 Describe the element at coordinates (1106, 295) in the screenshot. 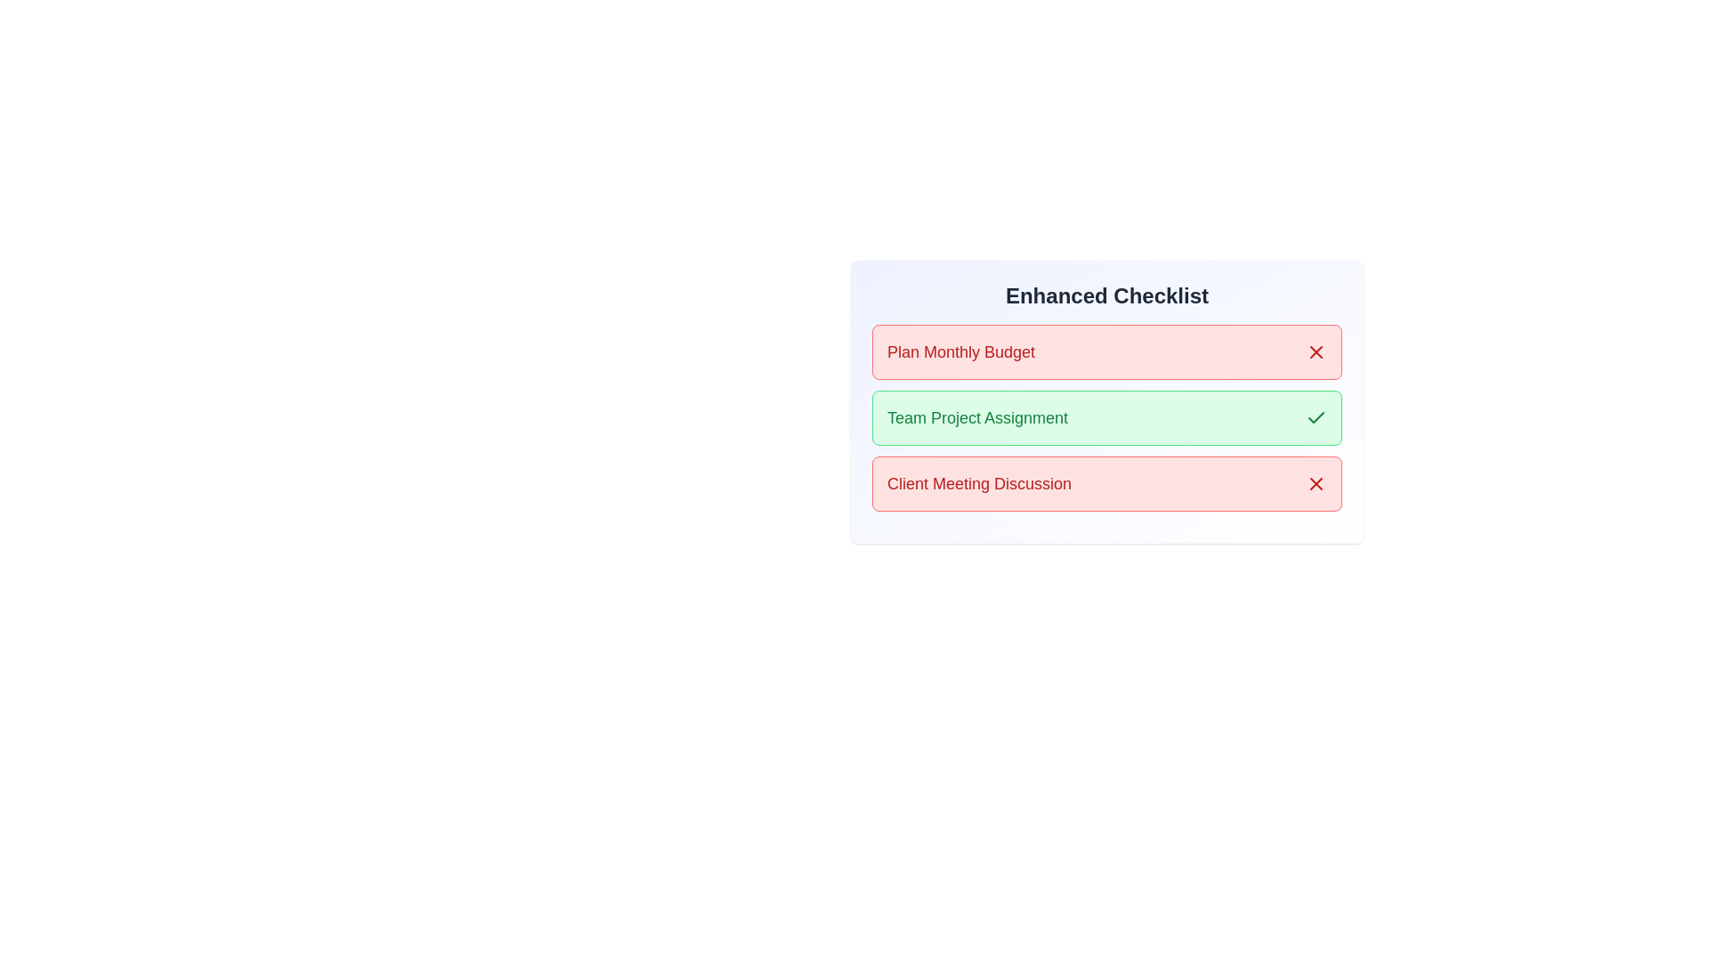

I see `the bold header with the text 'Enhanced Checklist' which is centrally aligned at the top of its section` at that location.